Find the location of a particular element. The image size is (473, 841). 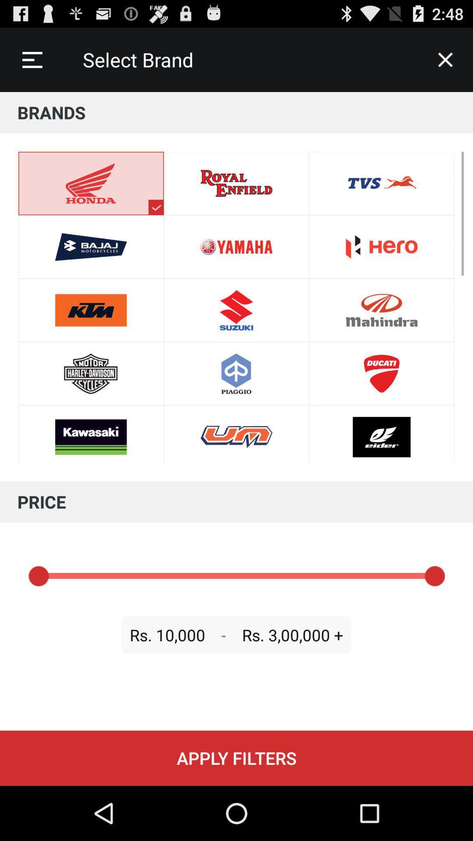

icon above the brands item is located at coordinates (32, 59).